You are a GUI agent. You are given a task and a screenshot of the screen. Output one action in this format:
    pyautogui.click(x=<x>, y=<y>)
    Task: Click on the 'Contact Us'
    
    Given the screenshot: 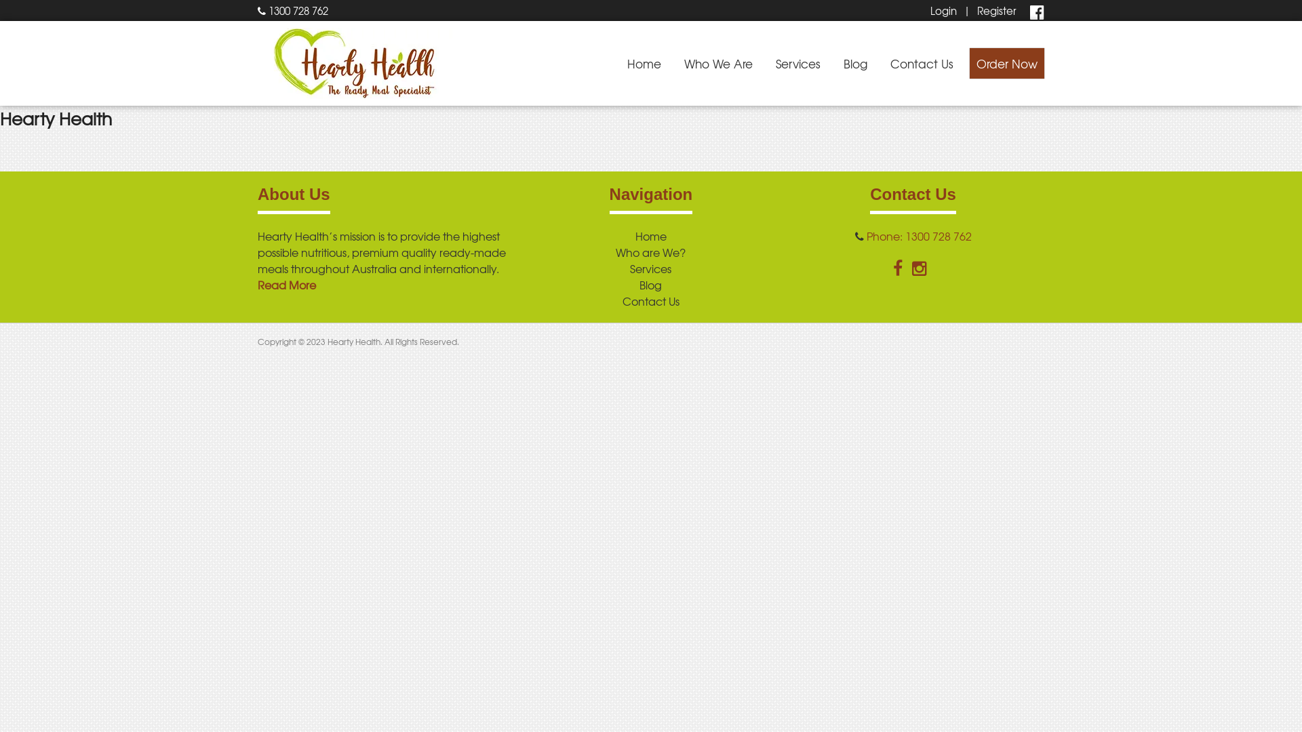 What is the action you would take?
    pyautogui.click(x=922, y=63)
    